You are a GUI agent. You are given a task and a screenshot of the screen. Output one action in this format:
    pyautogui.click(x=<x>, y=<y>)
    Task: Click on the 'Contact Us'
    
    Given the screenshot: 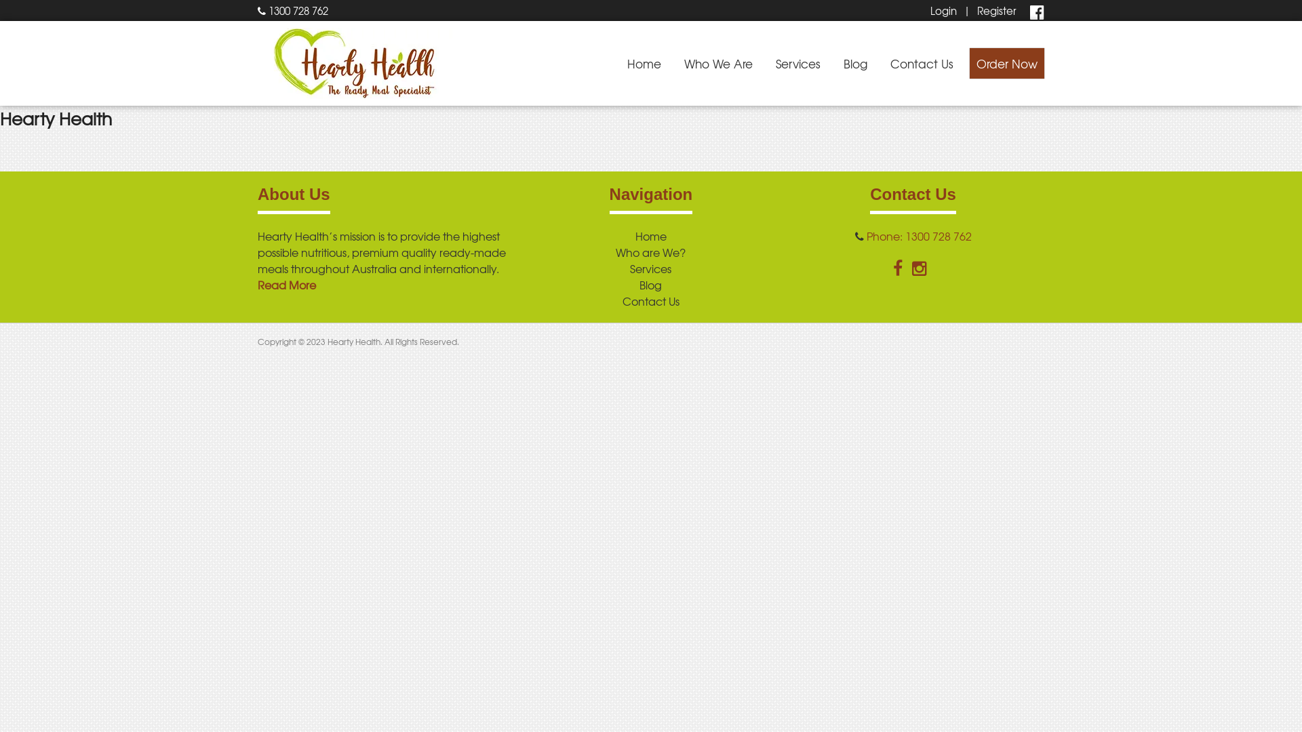 What is the action you would take?
    pyautogui.click(x=922, y=63)
    